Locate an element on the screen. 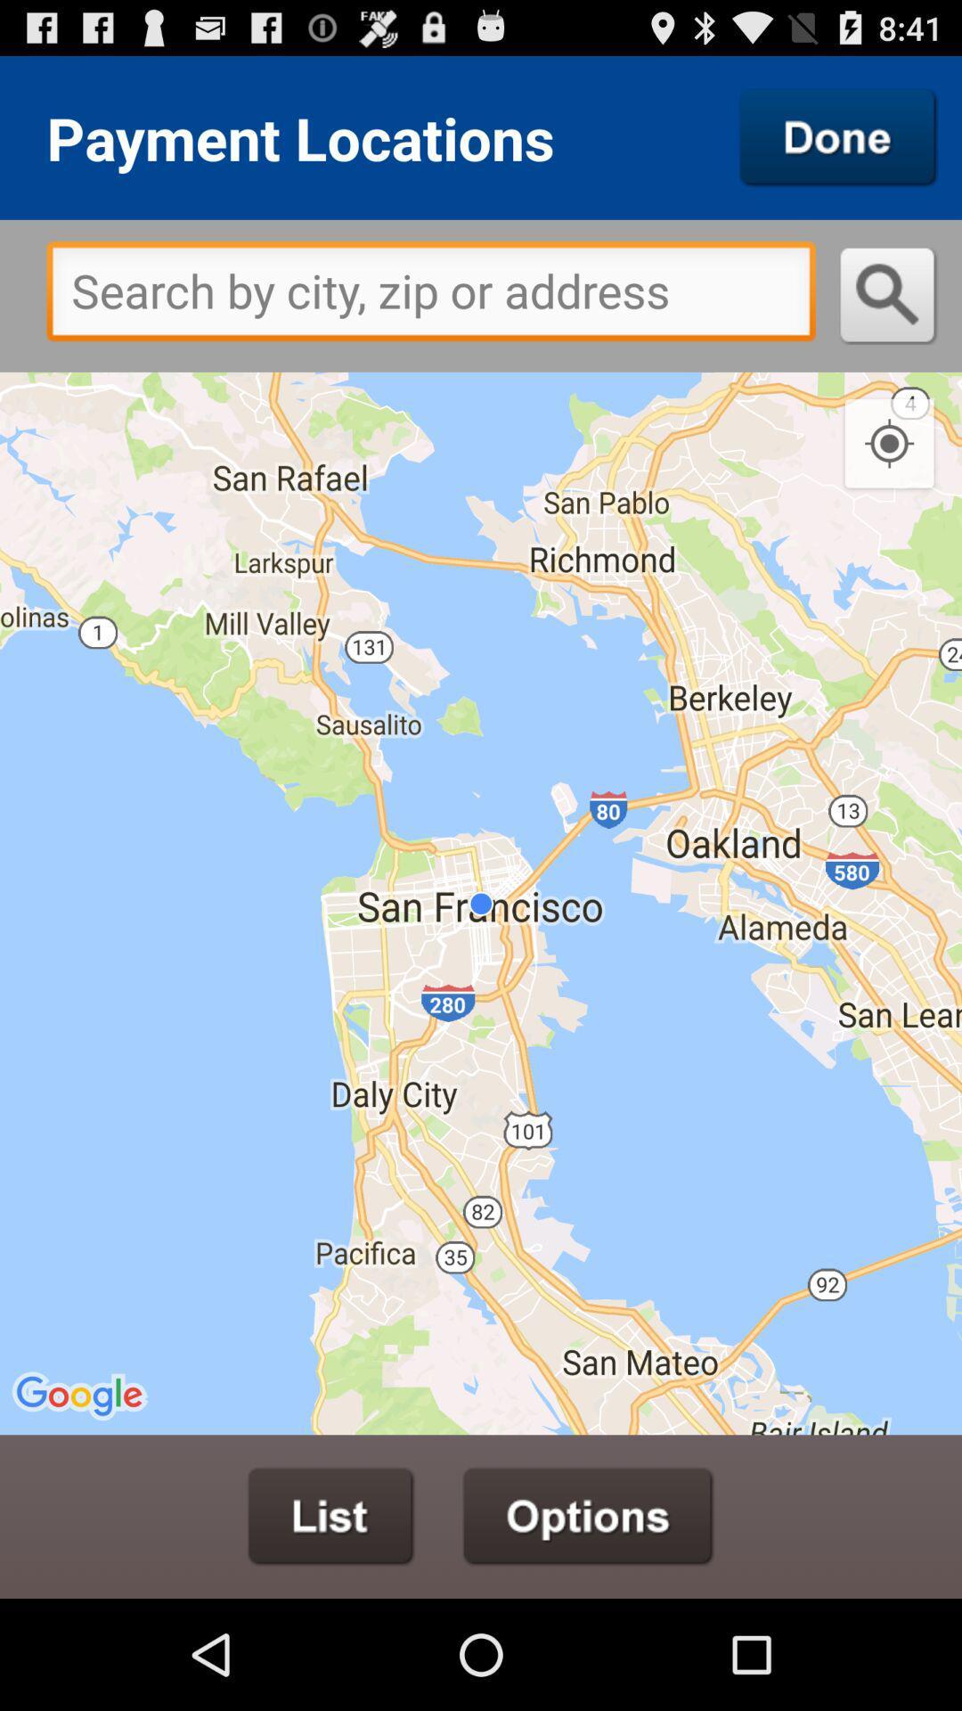 The image size is (962, 1711). city zip or address to search is located at coordinates (431, 296).